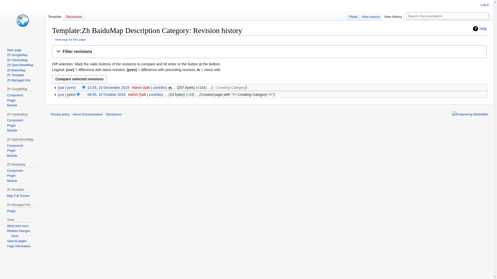 The image size is (497, 279). What do you see at coordinates (159, 87) in the screenshot?
I see `'contribs'` at bounding box center [159, 87].